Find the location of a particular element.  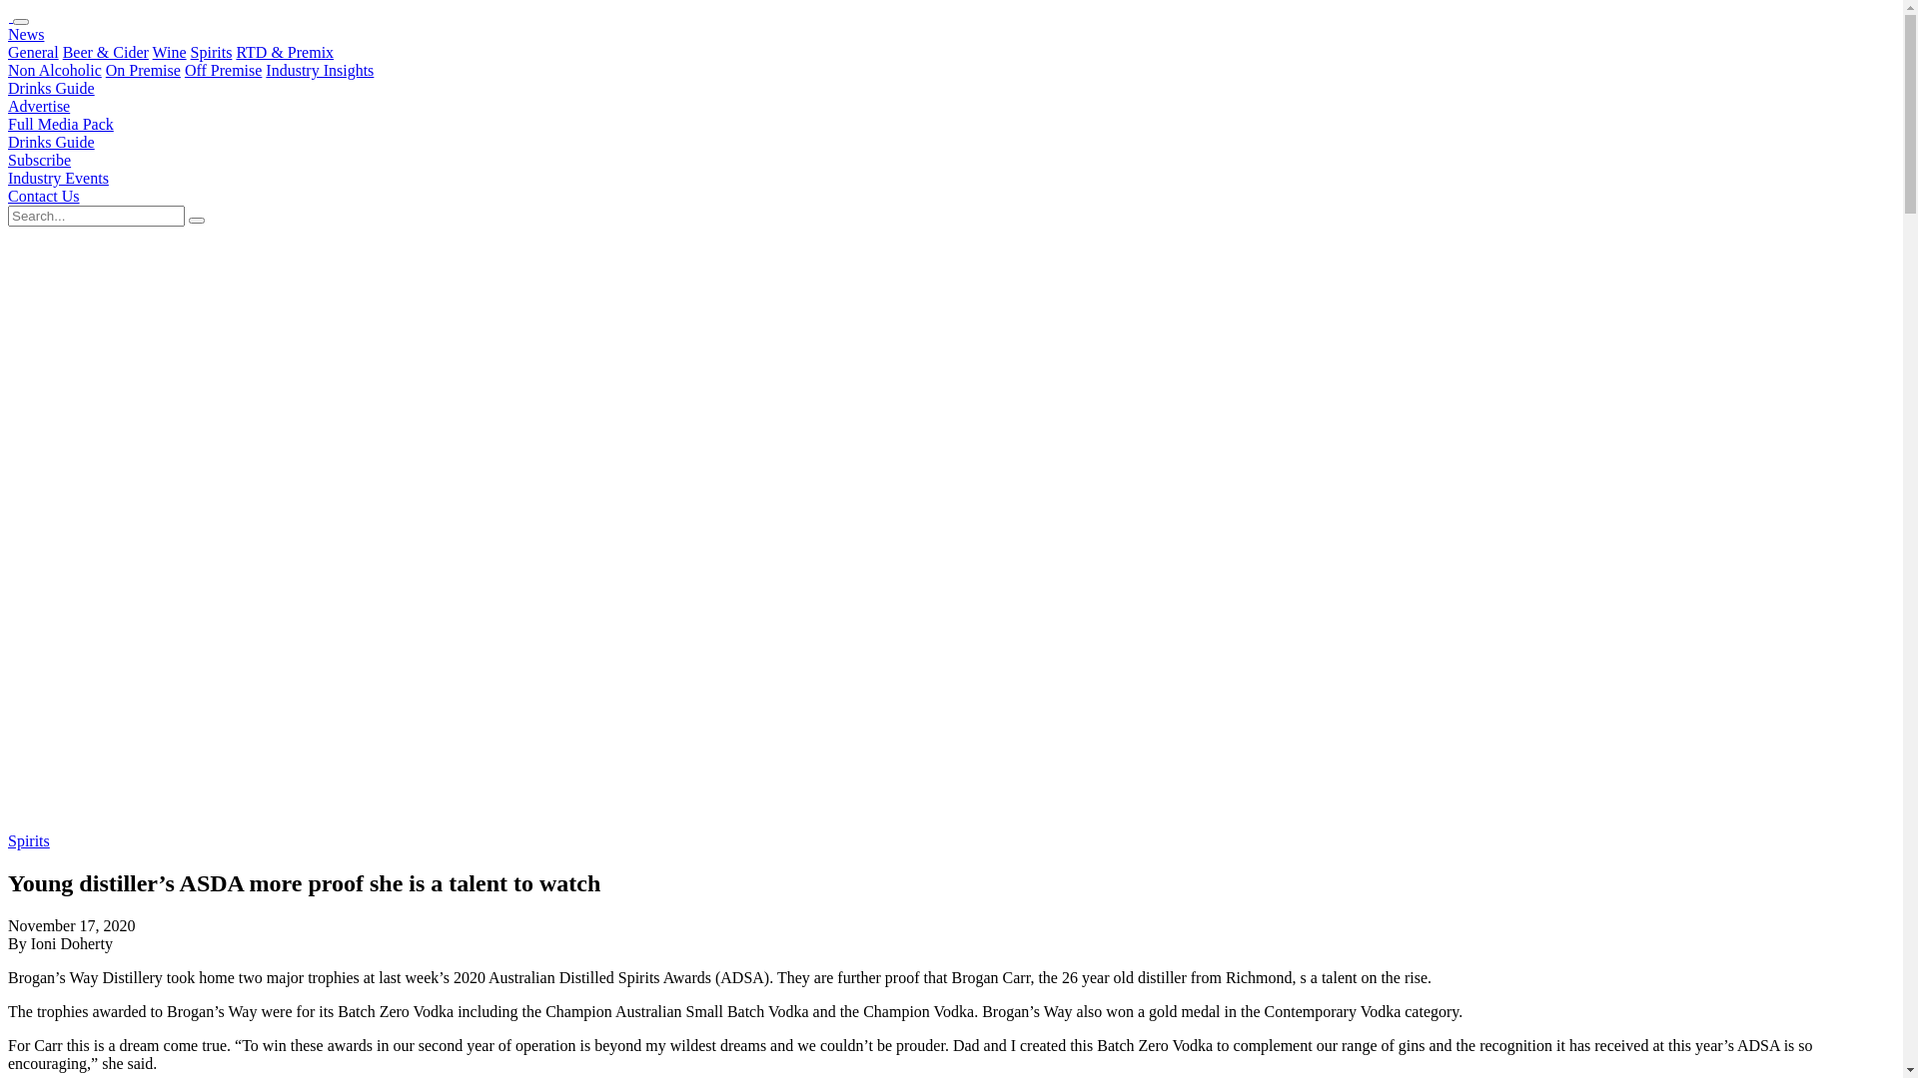

'Subscribe' is located at coordinates (8, 159).